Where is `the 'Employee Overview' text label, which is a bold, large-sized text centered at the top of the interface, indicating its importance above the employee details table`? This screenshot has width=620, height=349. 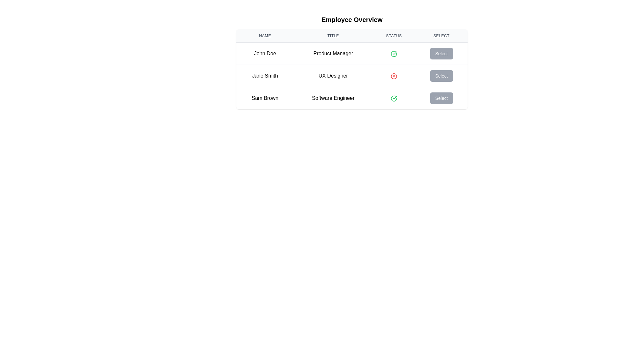 the 'Employee Overview' text label, which is a bold, large-sized text centered at the top of the interface, indicating its importance above the employee details table is located at coordinates (351, 19).